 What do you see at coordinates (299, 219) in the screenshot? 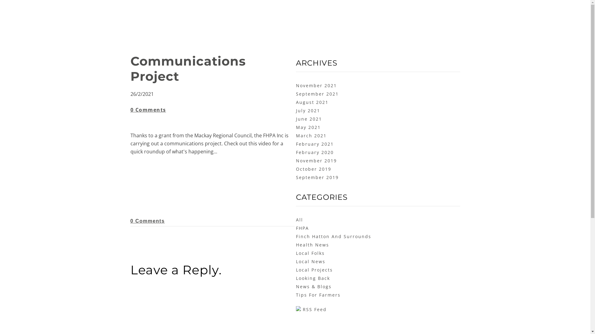
I see `'All'` at bounding box center [299, 219].